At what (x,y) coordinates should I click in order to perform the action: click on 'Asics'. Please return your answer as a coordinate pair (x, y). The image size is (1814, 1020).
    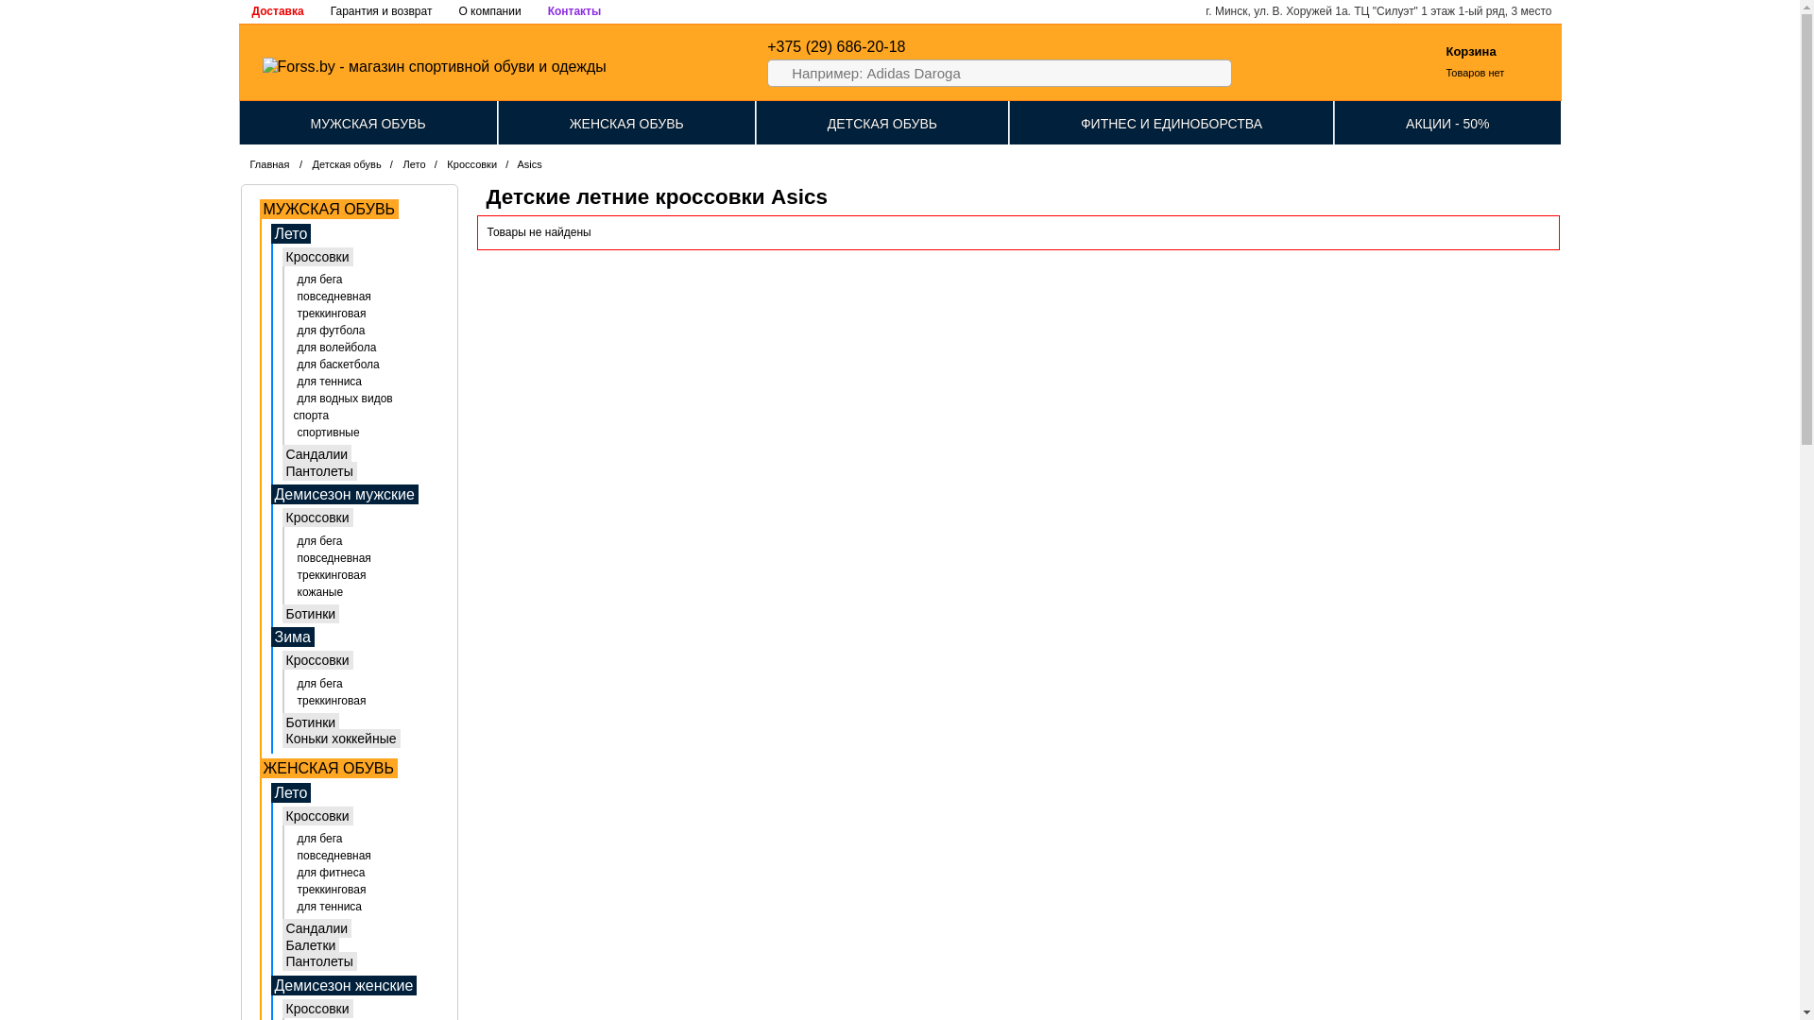
    Looking at the image, I should click on (529, 162).